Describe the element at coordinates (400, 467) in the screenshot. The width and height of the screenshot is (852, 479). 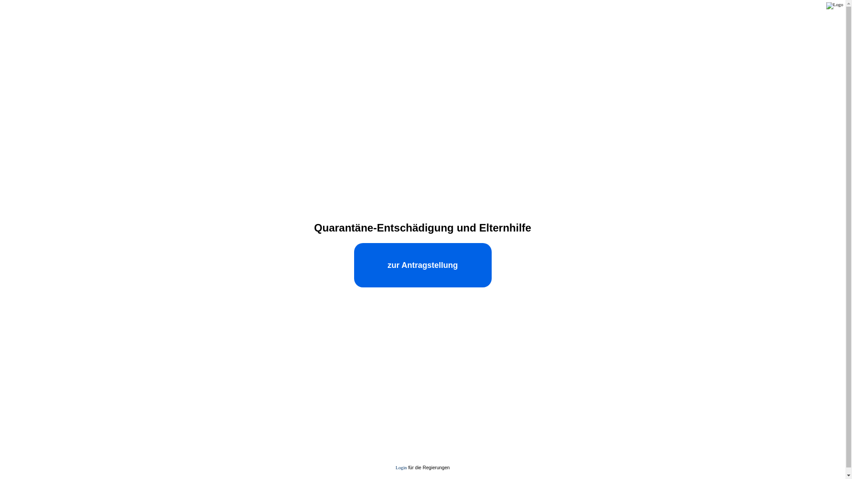
I see `'Login'` at that location.